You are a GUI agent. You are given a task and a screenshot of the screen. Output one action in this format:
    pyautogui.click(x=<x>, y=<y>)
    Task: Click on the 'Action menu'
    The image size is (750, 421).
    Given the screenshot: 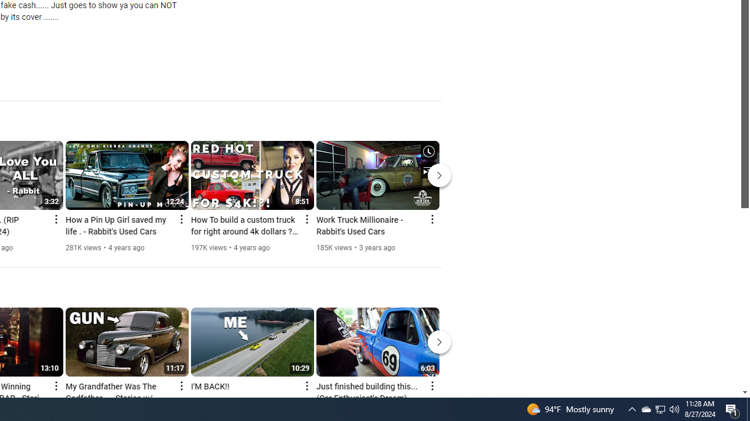 What is the action you would take?
    pyautogui.click(x=431, y=385)
    